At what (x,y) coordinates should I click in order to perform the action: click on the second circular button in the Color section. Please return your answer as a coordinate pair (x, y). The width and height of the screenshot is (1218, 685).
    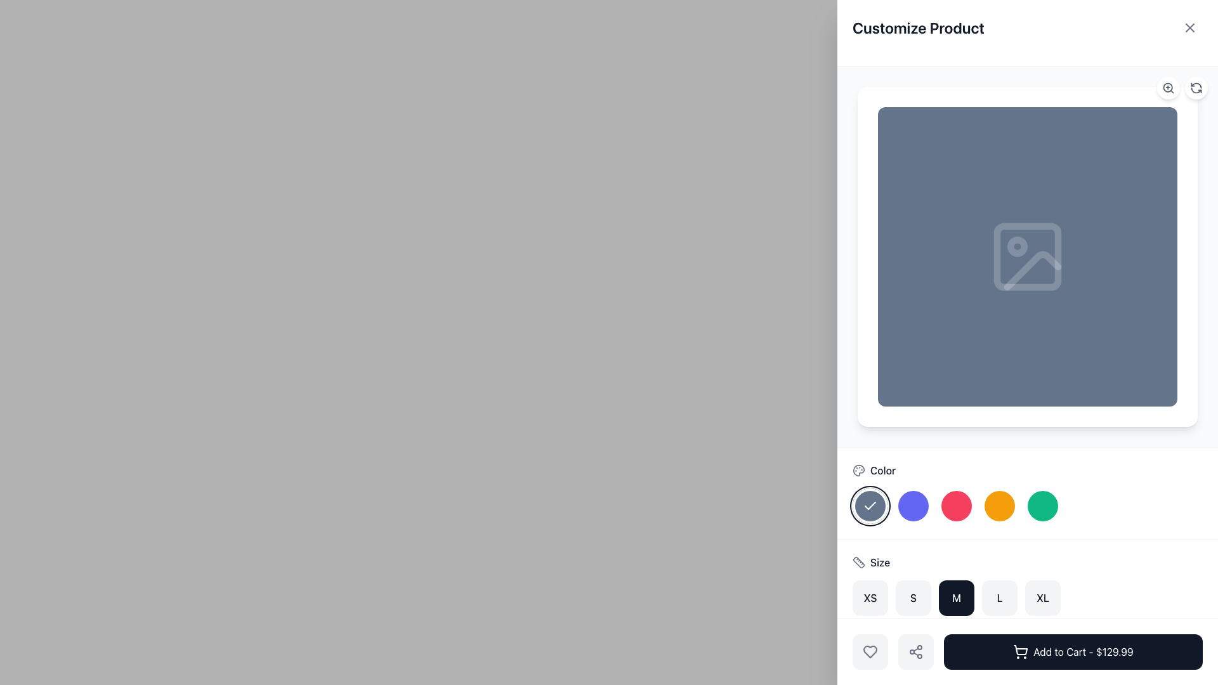
    Looking at the image, I should click on (913, 506).